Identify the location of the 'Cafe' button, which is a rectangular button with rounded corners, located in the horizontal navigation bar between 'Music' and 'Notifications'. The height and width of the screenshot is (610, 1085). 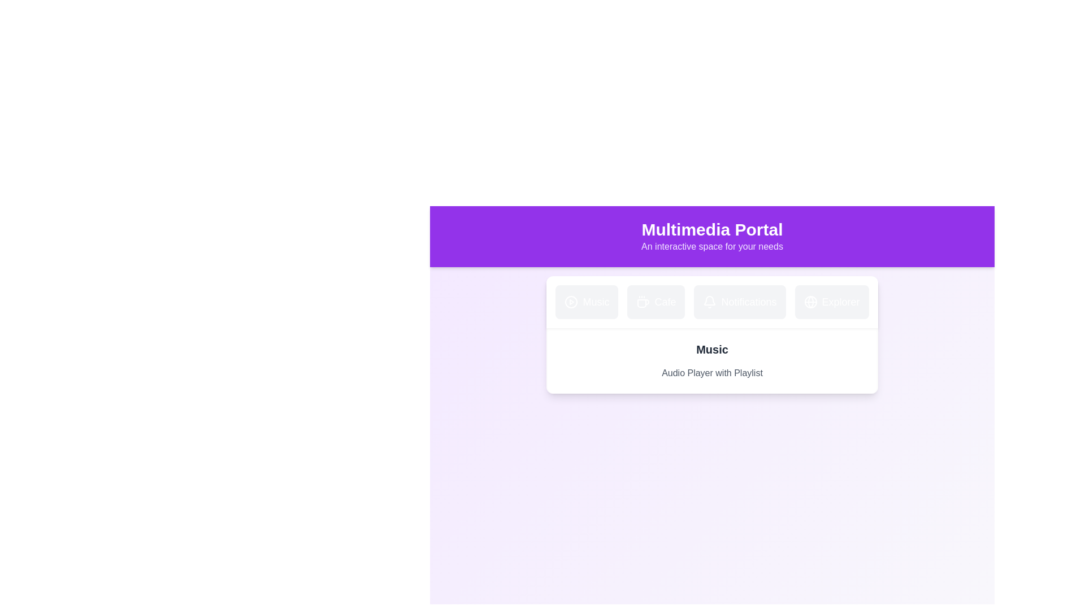
(656, 302).